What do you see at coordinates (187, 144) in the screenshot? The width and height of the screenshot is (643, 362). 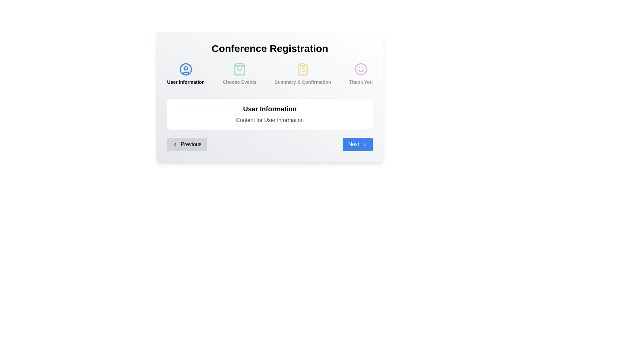 I see `the 'Previous' button with a gray background and rounded corners to observe potential visual effects` at bounding box center [187, 144].